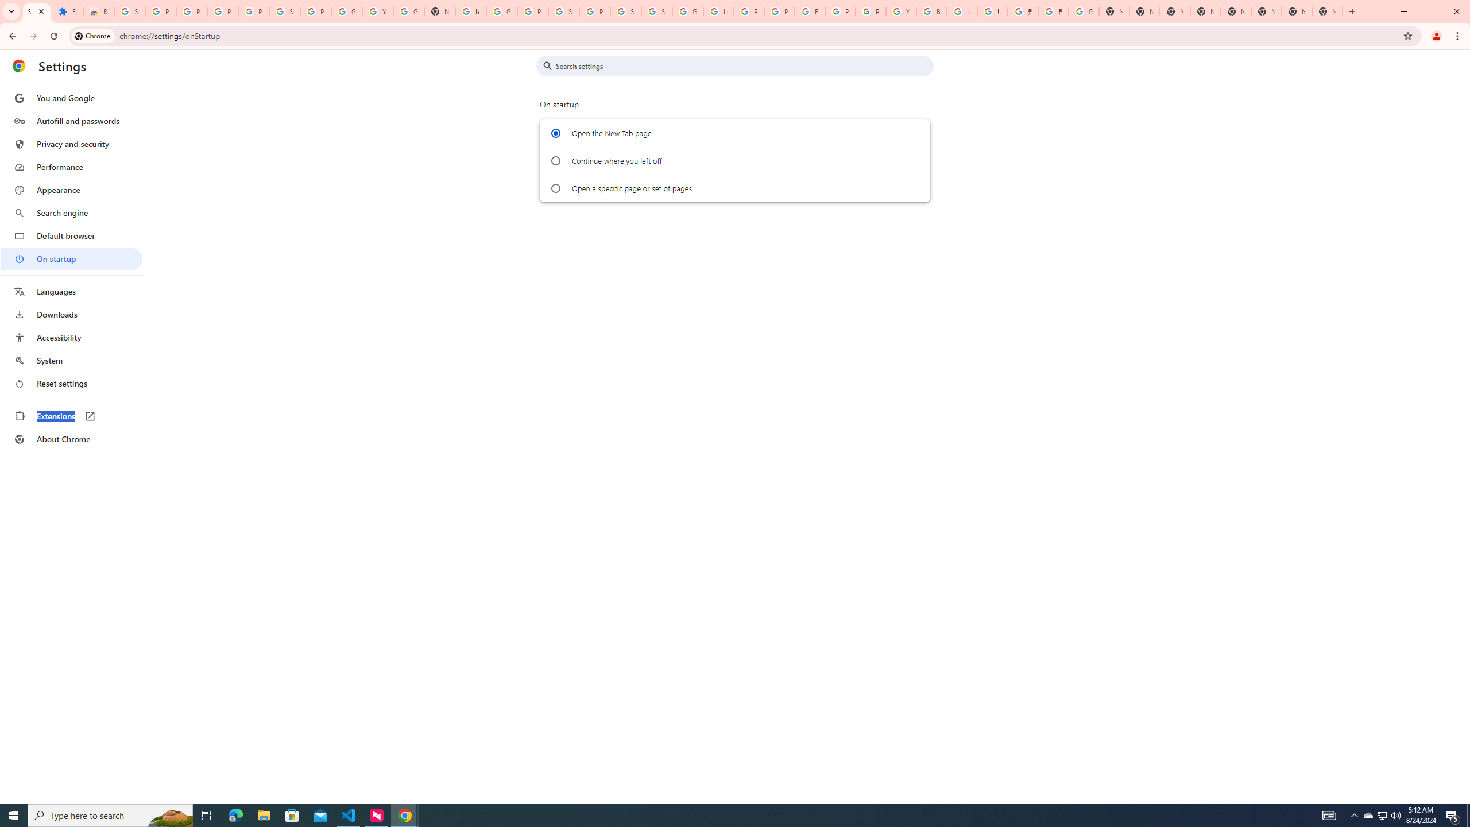  What do you see at coordinates (71, 98) in the screenshot?
I see `'You and Google'` at bounding box center [71, 98].